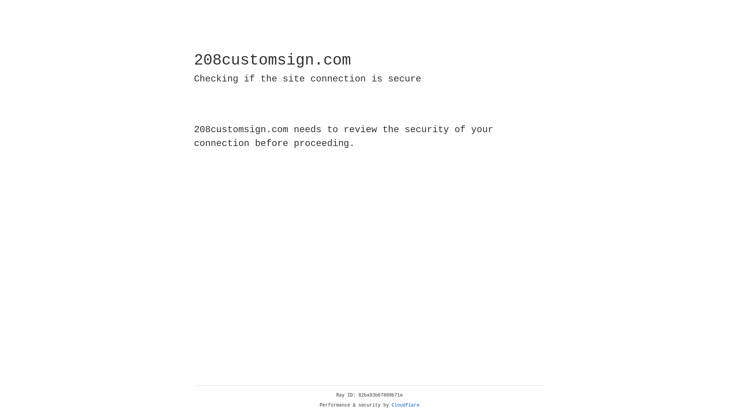 This screenshot has width=739, height=415. Describe the element at coordinates (391, 405) in the screenshot. I see `'Cloudflare'` at that location.